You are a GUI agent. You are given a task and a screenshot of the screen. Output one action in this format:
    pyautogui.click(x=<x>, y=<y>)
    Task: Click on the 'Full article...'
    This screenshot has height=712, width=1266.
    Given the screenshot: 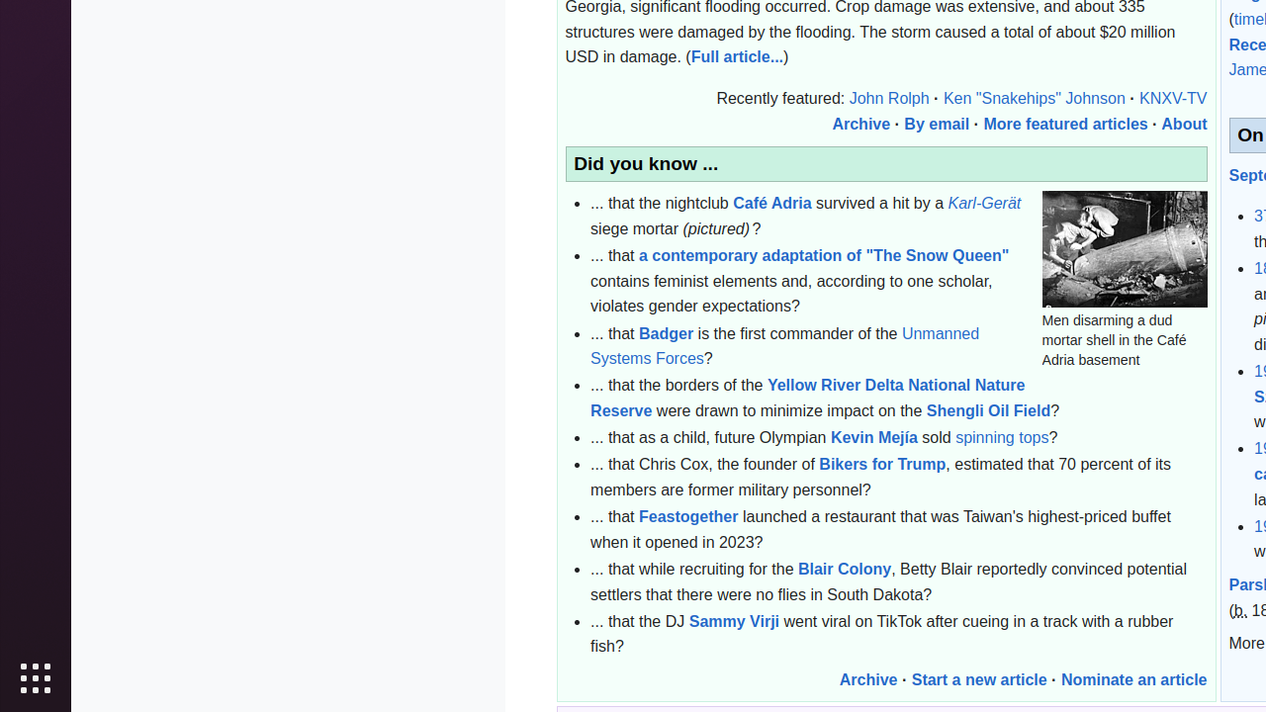 What is the action you would take?
    pyautogui.click(x=736, y=56)
    